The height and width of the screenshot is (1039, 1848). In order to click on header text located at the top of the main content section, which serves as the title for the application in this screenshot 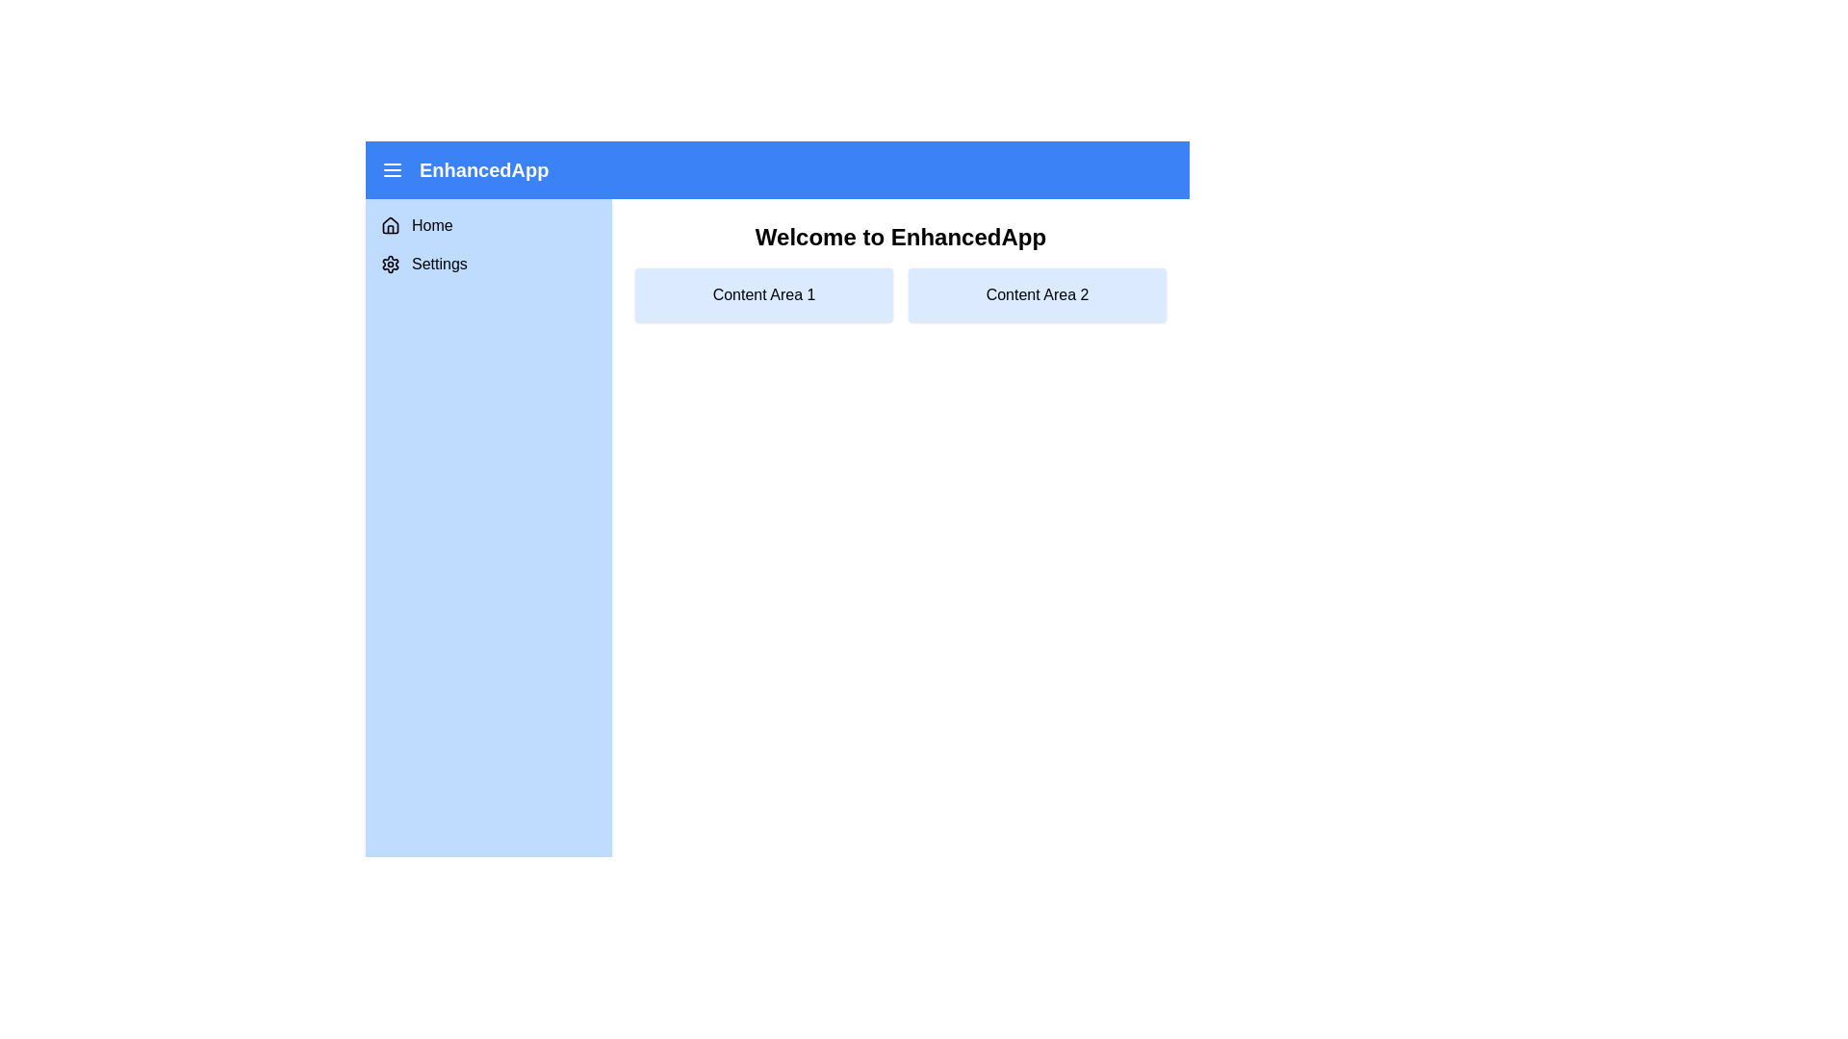, I will do `click(900, 236)`.